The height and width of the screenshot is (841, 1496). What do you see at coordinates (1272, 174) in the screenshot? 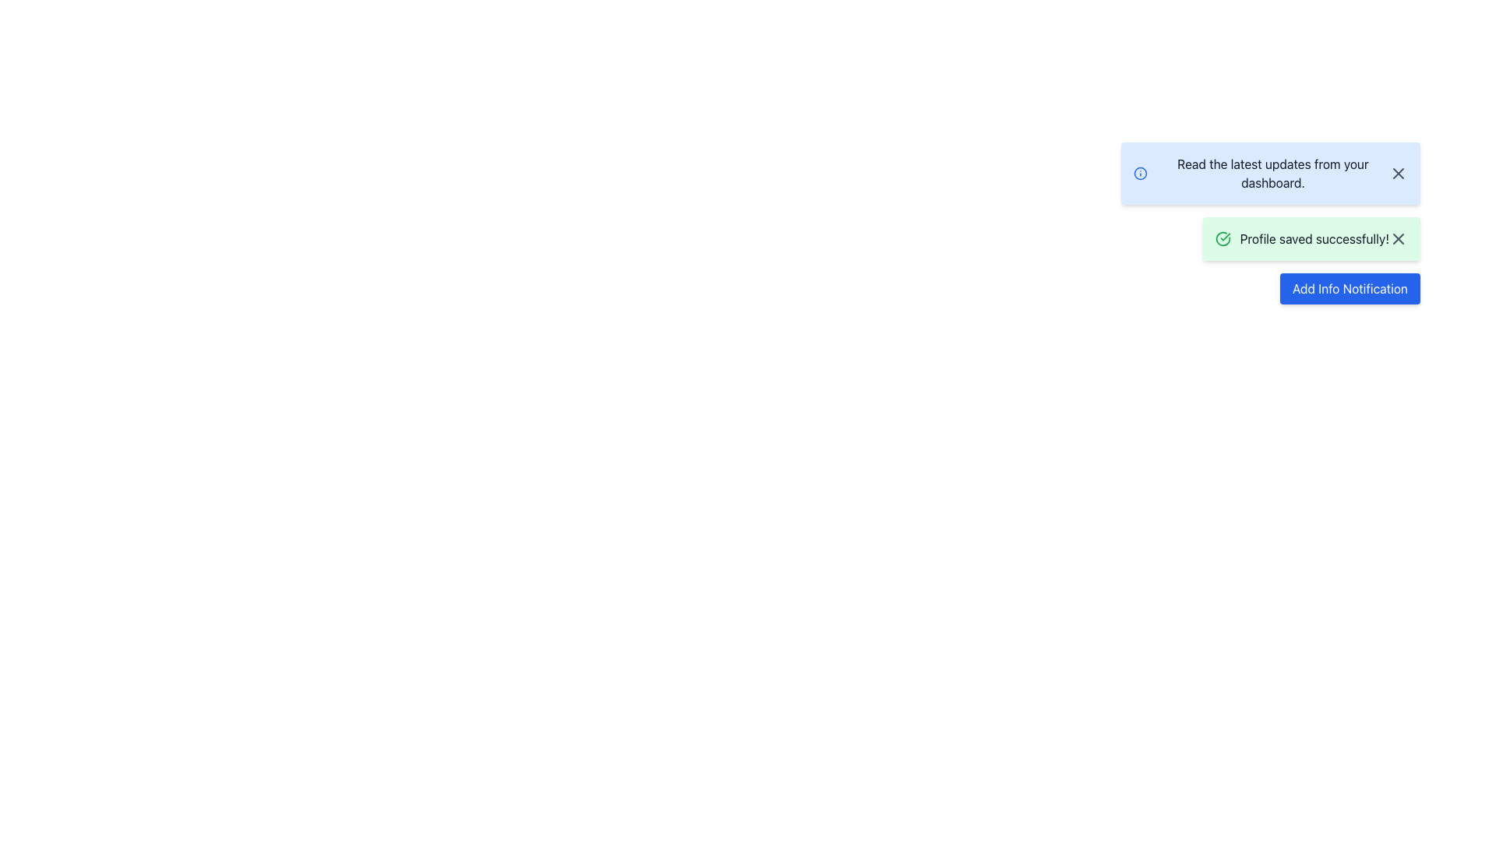
I see `text displayed in the light blue notification box that conveys updates related to the user's dashboard` at bounding box center [1272, 174].